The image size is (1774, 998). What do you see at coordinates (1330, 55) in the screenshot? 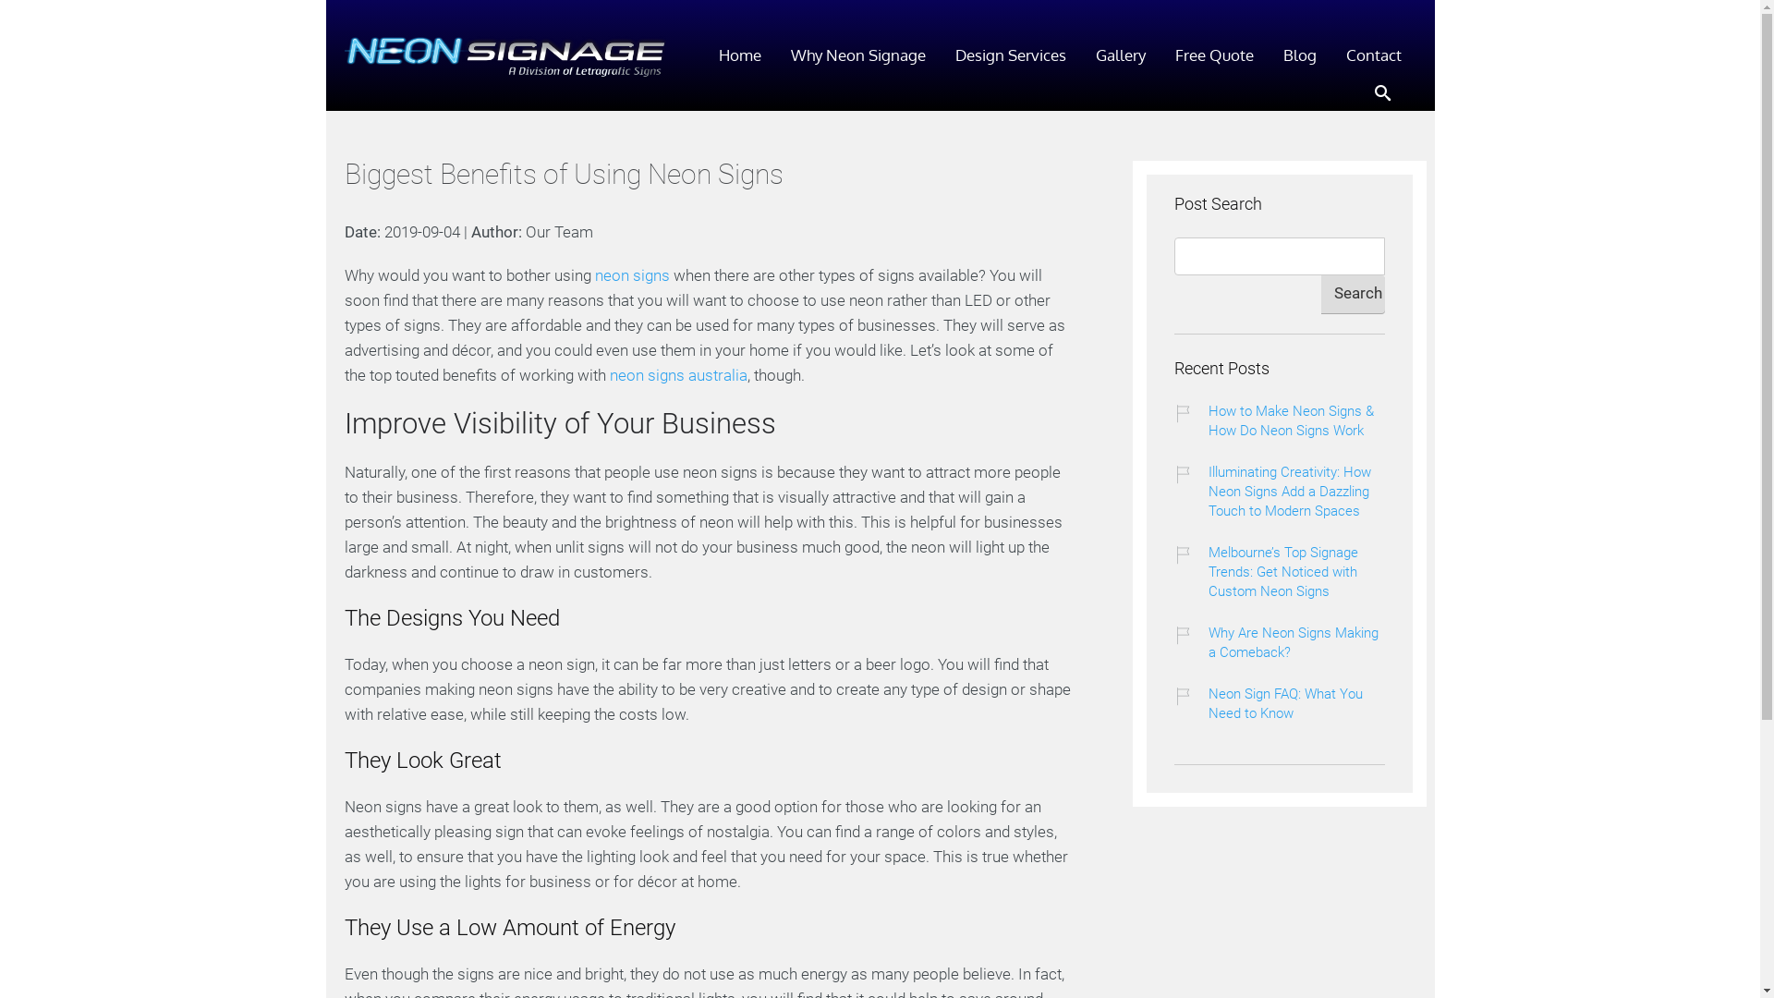
I see `'Contact'` at bounding box center [1330, 55].